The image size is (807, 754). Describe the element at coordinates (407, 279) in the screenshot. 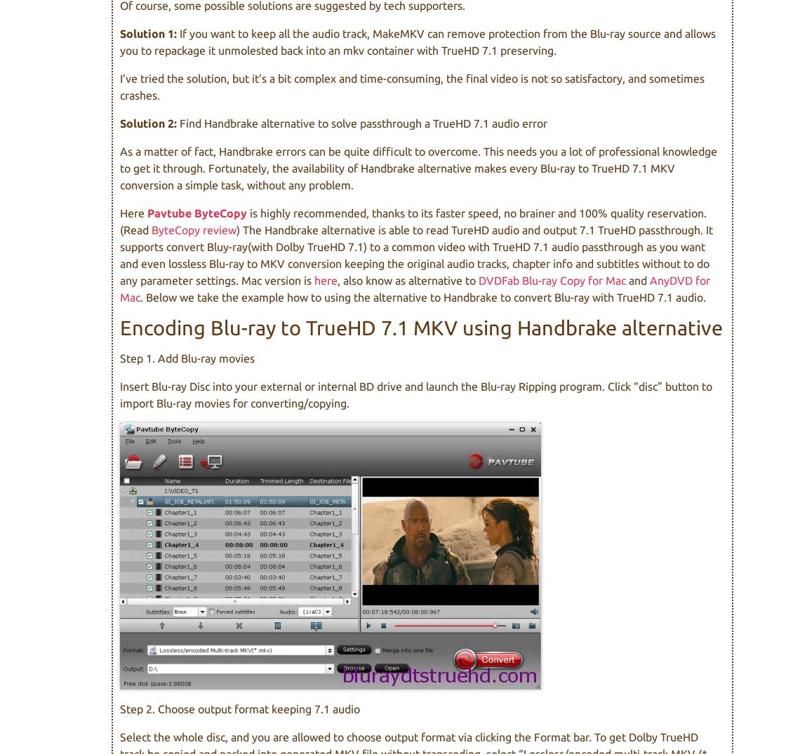

I see `', also know as alternative to'` at that location.